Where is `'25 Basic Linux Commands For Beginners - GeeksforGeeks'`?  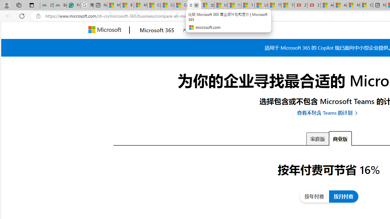
'25 Basic Linux Commands For Beginners - GeeksforGeeks' is located at coordinates (46, 5).